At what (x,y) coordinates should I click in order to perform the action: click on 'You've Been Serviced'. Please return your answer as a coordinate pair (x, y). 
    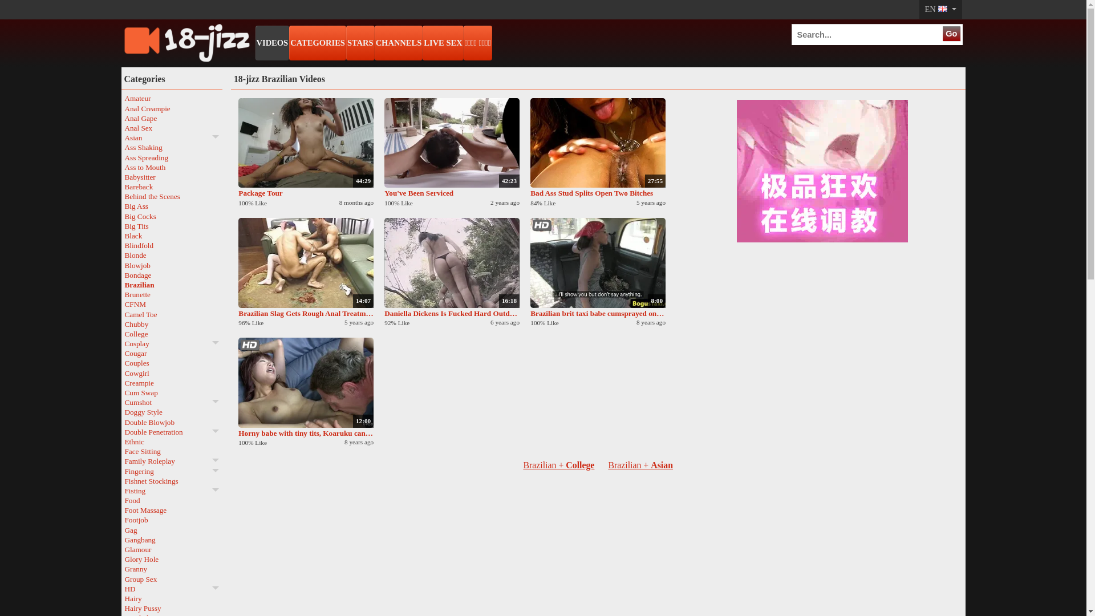
    Looking at the image, I should click on (451, 192).